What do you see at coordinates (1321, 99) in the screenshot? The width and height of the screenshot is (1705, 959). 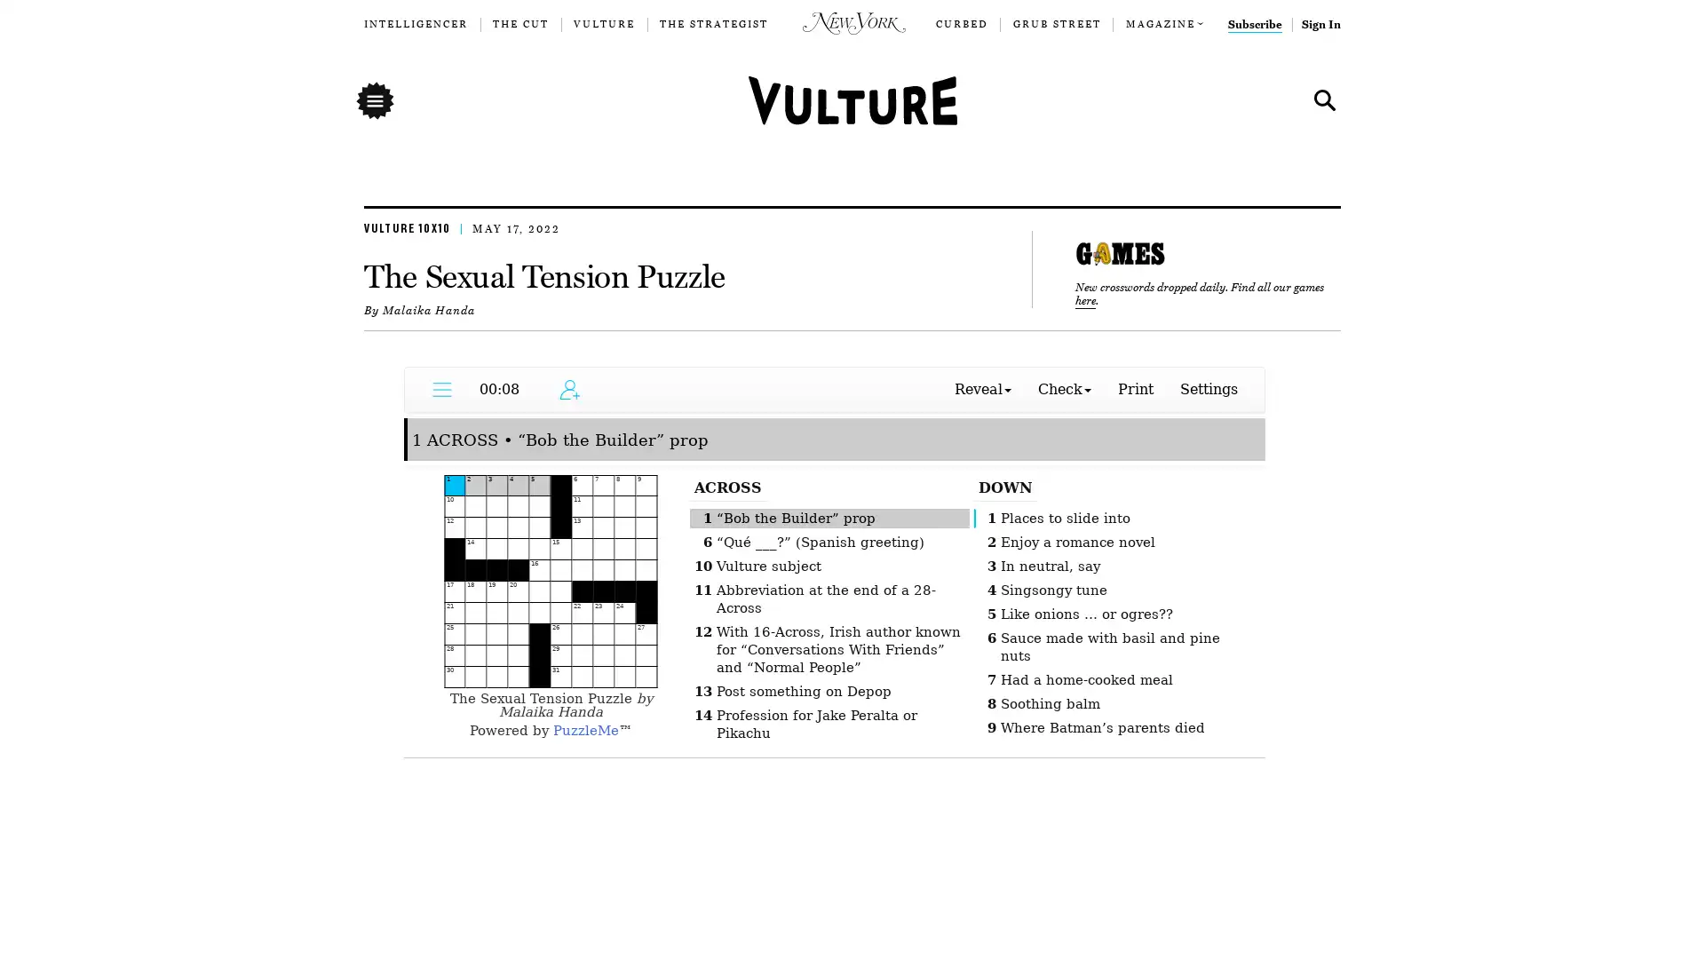 I see `Search` at bounding box center [1321, 99].